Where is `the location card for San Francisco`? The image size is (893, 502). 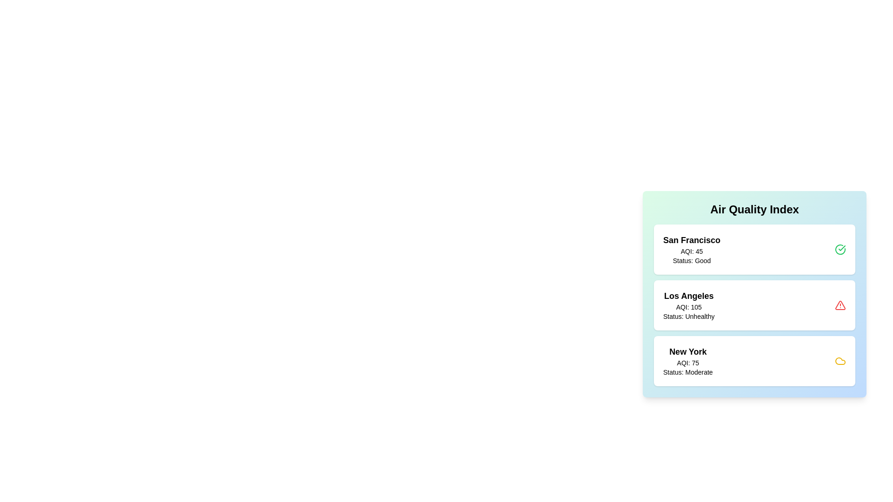
the location card for San Francisco is located at coordinates (754, 249).